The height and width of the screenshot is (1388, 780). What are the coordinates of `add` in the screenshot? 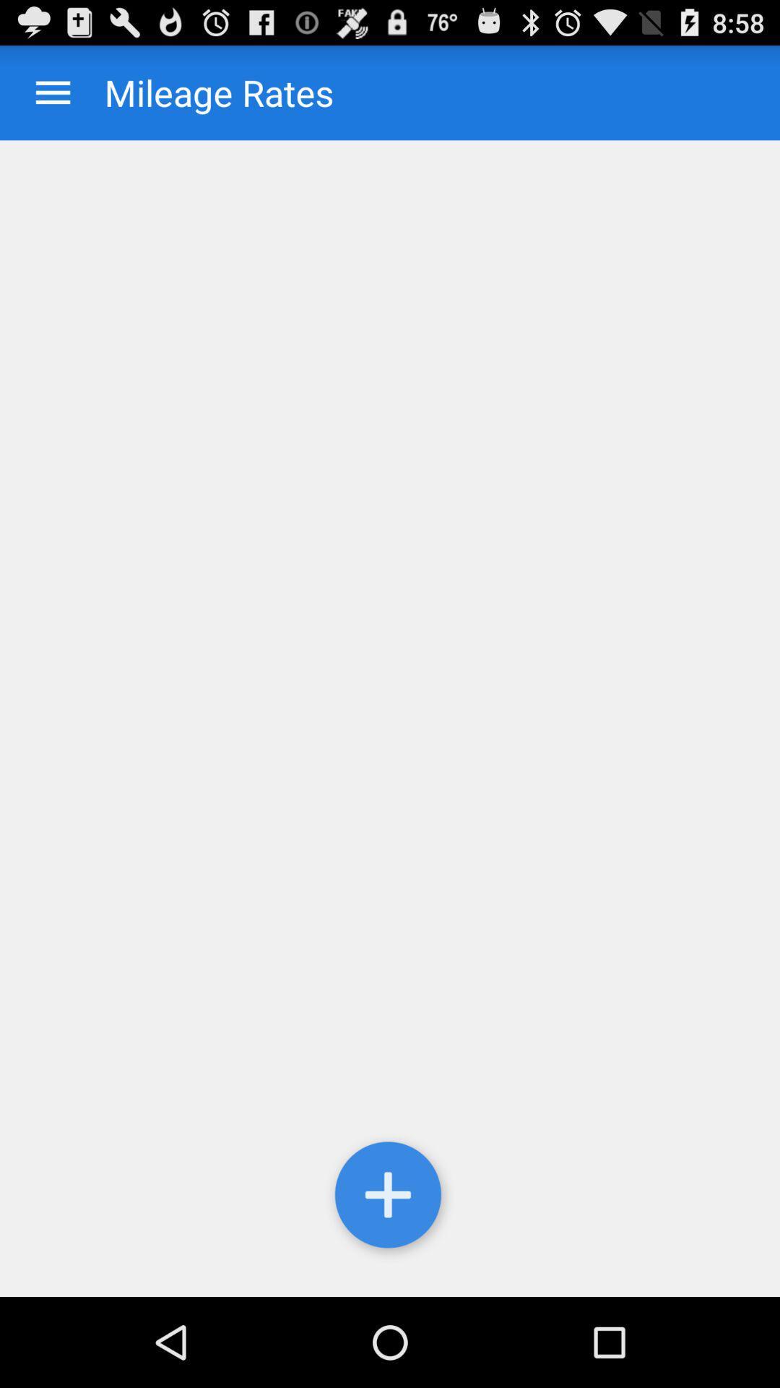 It's located at (390, 1198).